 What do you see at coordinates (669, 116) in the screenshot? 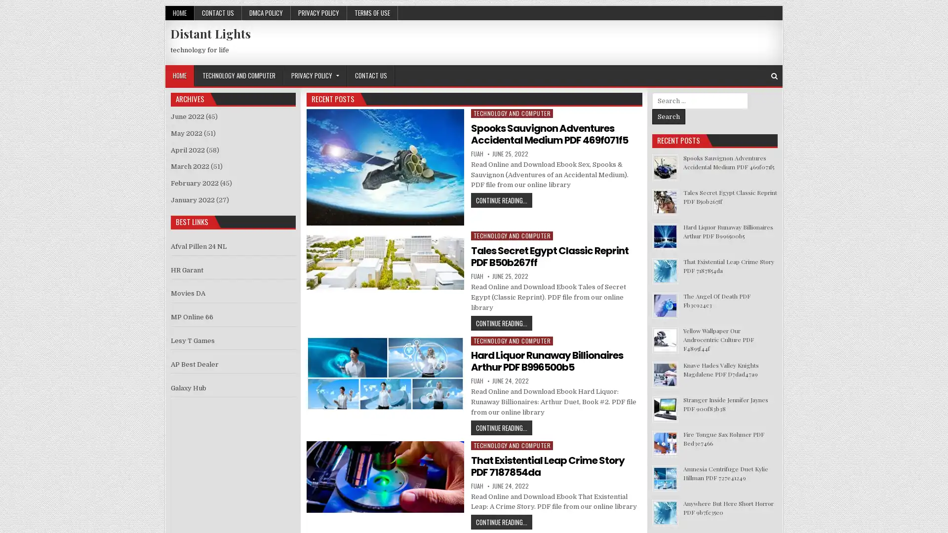
I see `Search` at bounding box center [669, 116].